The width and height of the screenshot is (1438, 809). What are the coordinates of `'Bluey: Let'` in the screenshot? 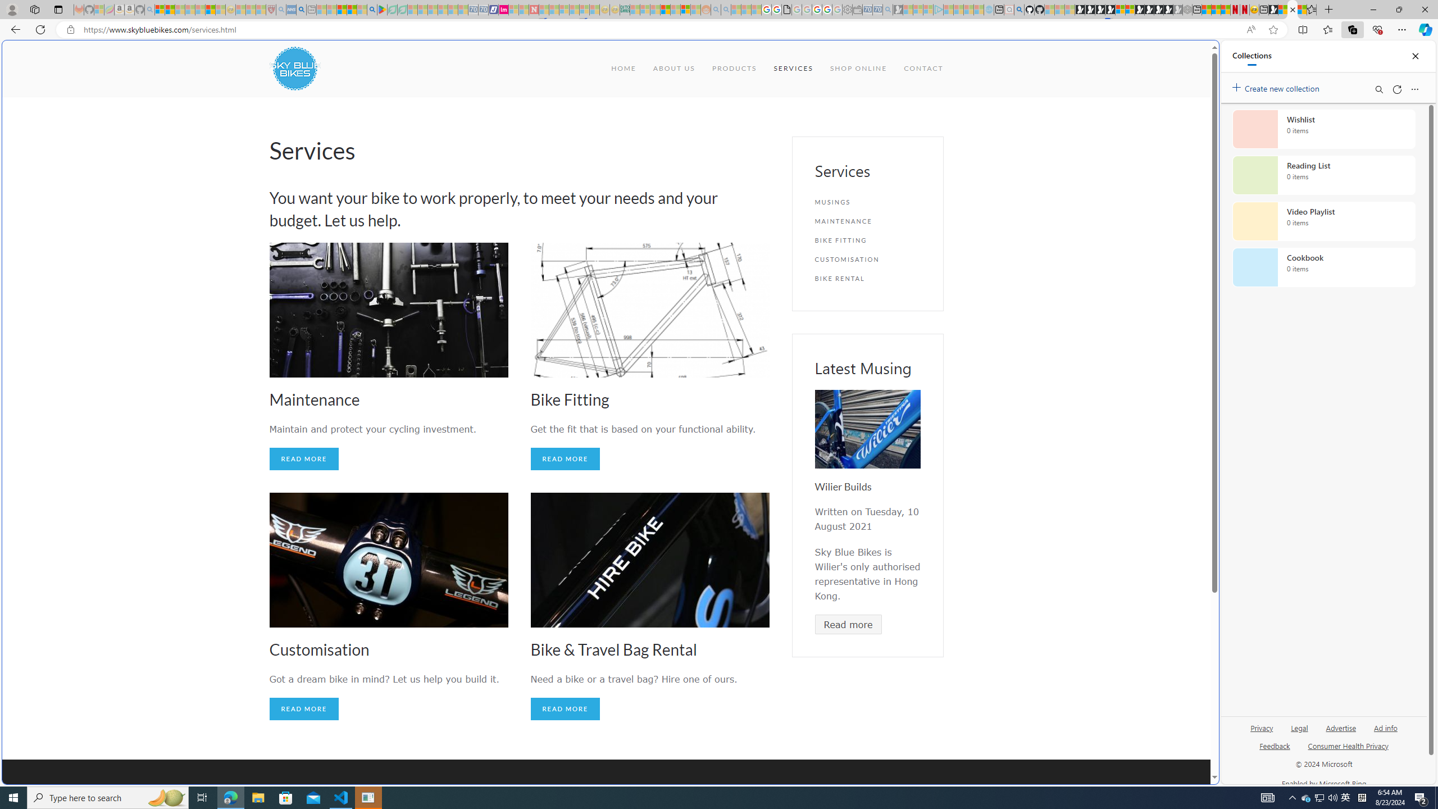 It's located at (382, 9).